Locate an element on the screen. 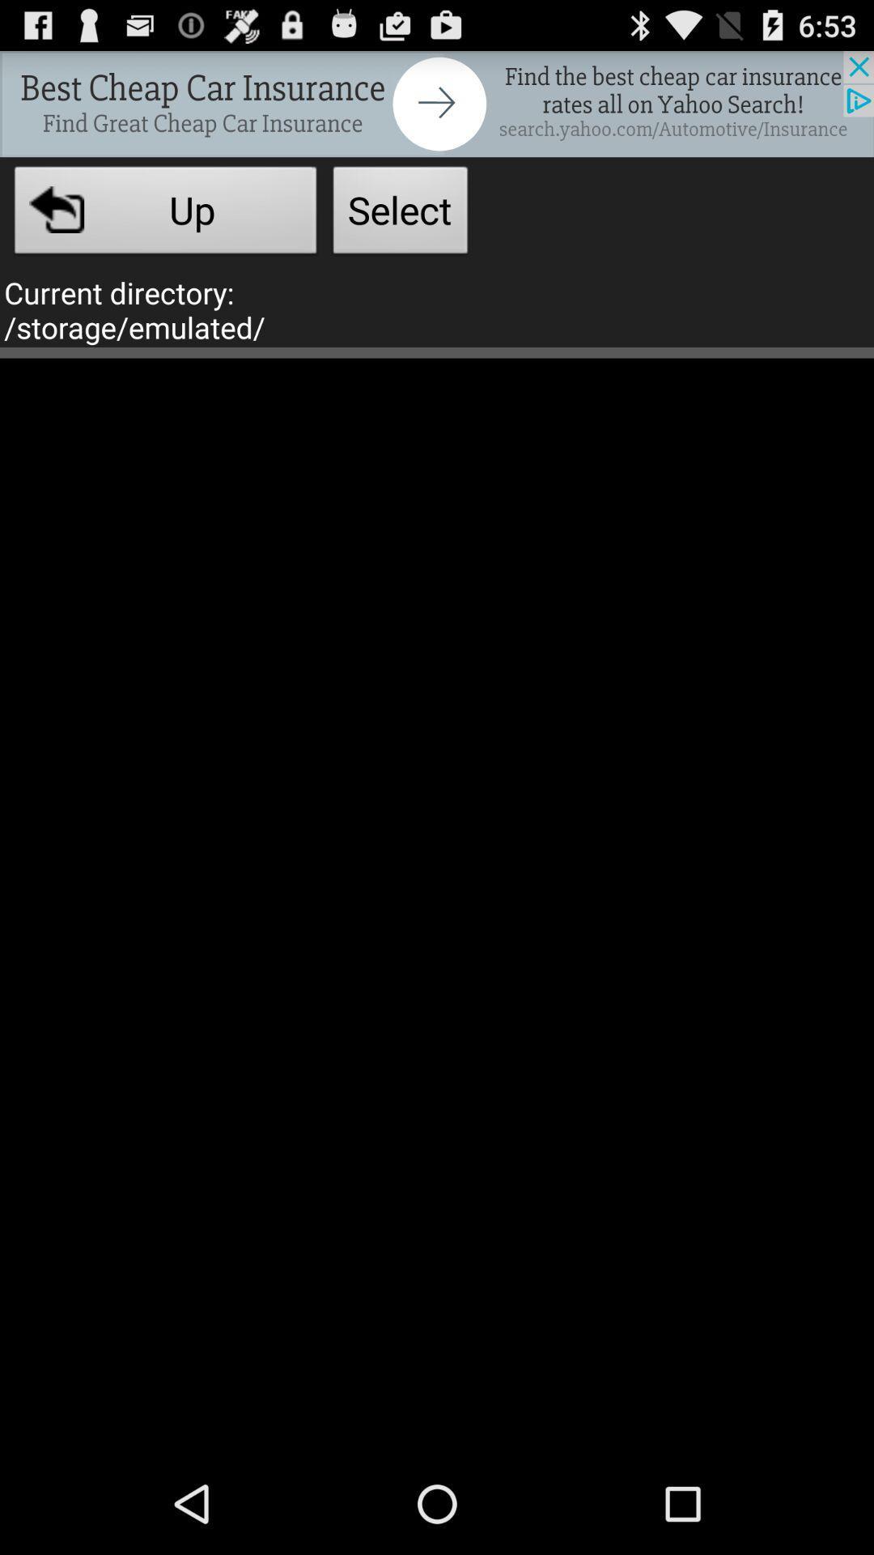  advertisement is located at coordinates (437, 103).